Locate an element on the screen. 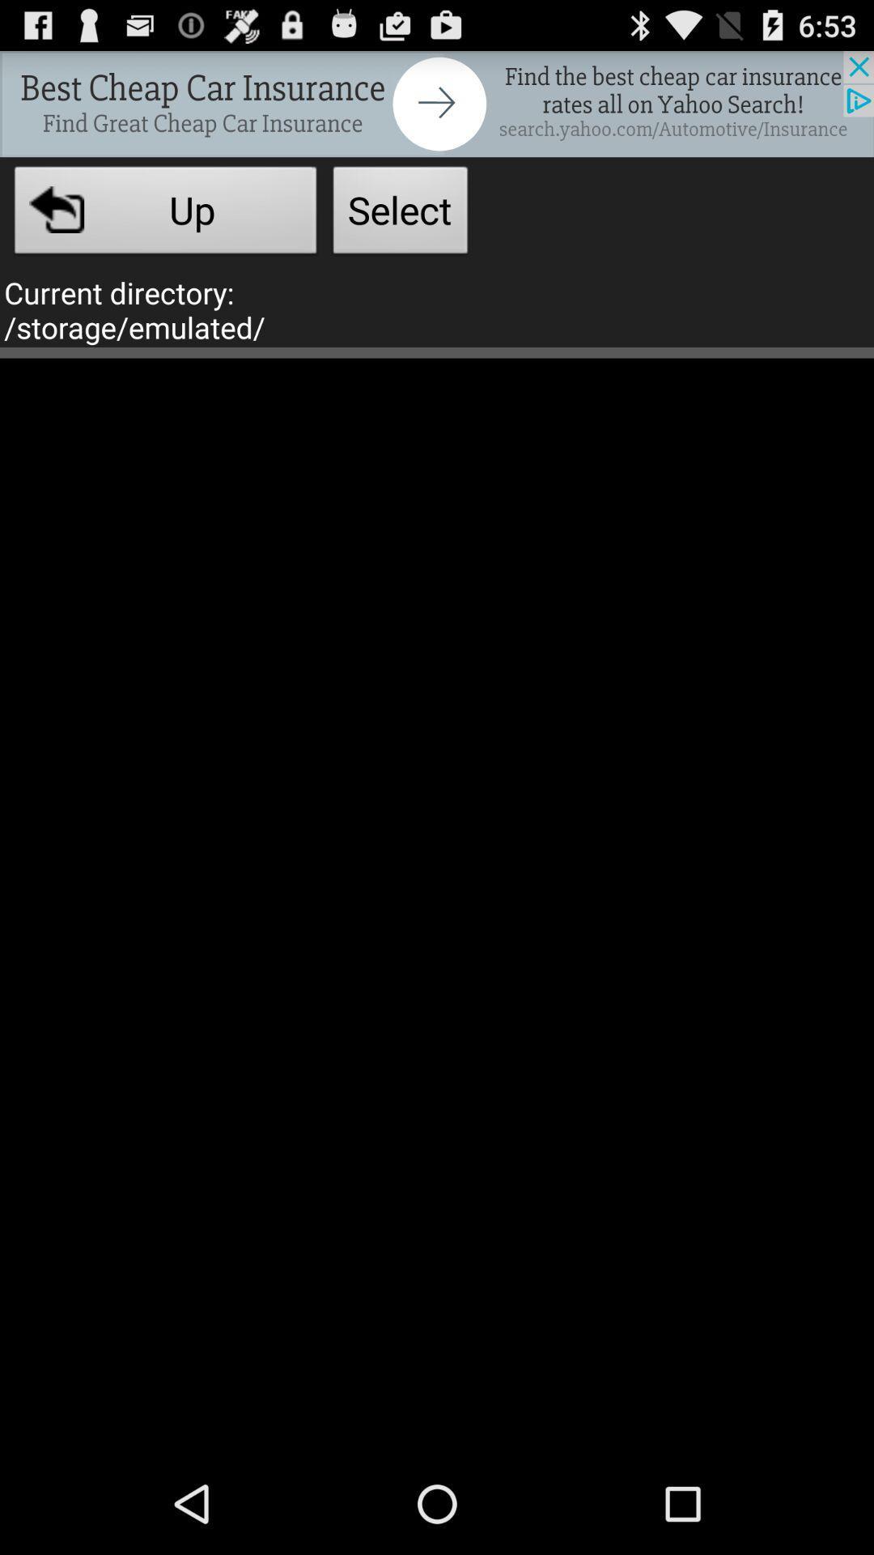  advertisement is located at coordinates (437, 103).